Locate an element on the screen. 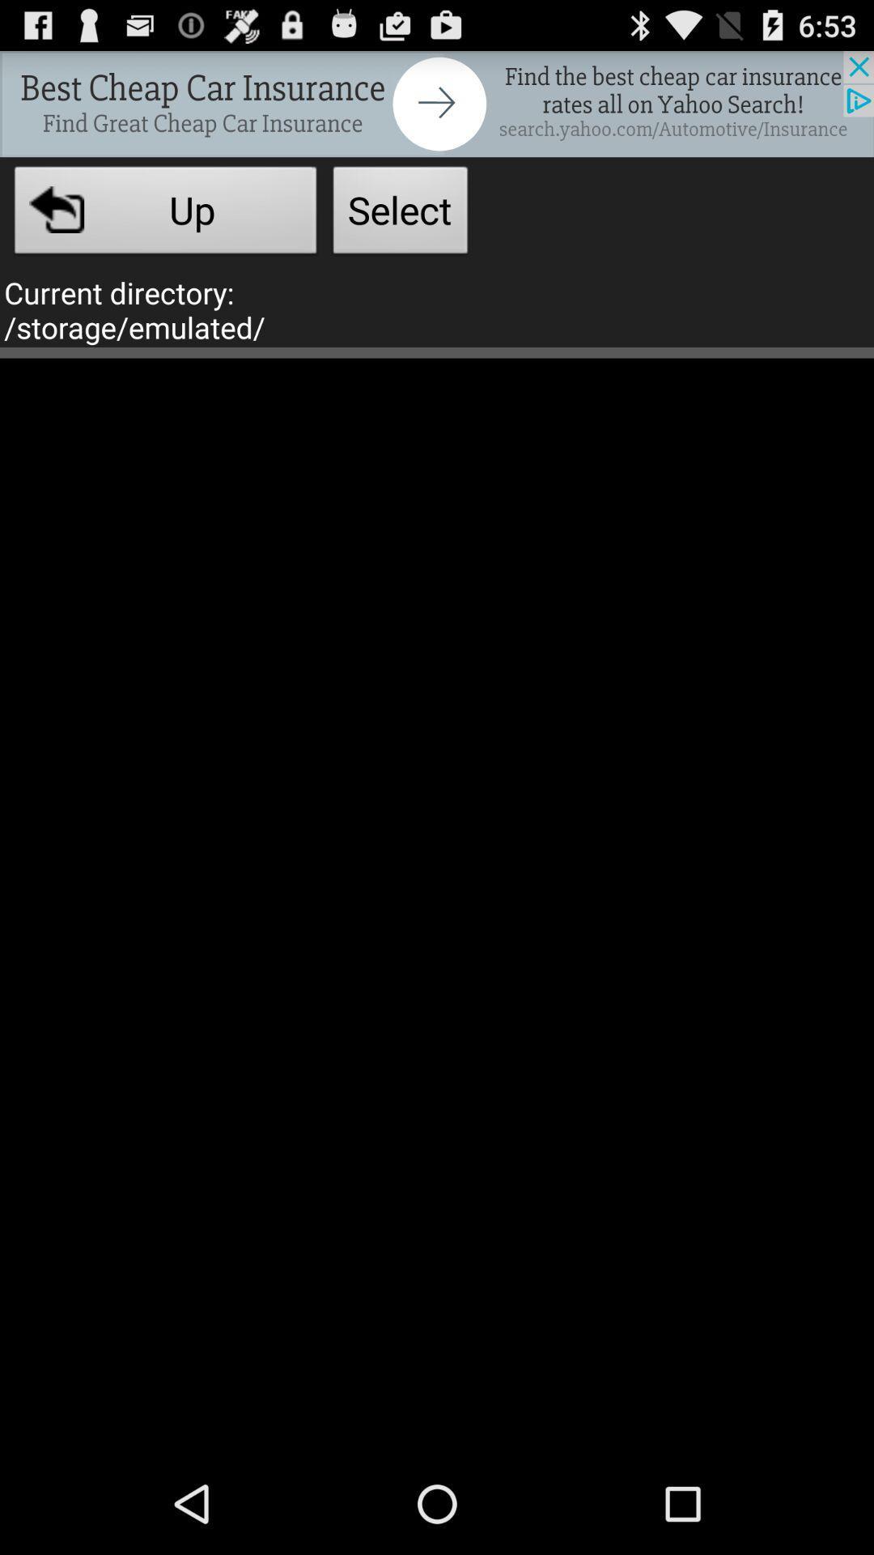  advertisement is located at coordinates (437, 103).